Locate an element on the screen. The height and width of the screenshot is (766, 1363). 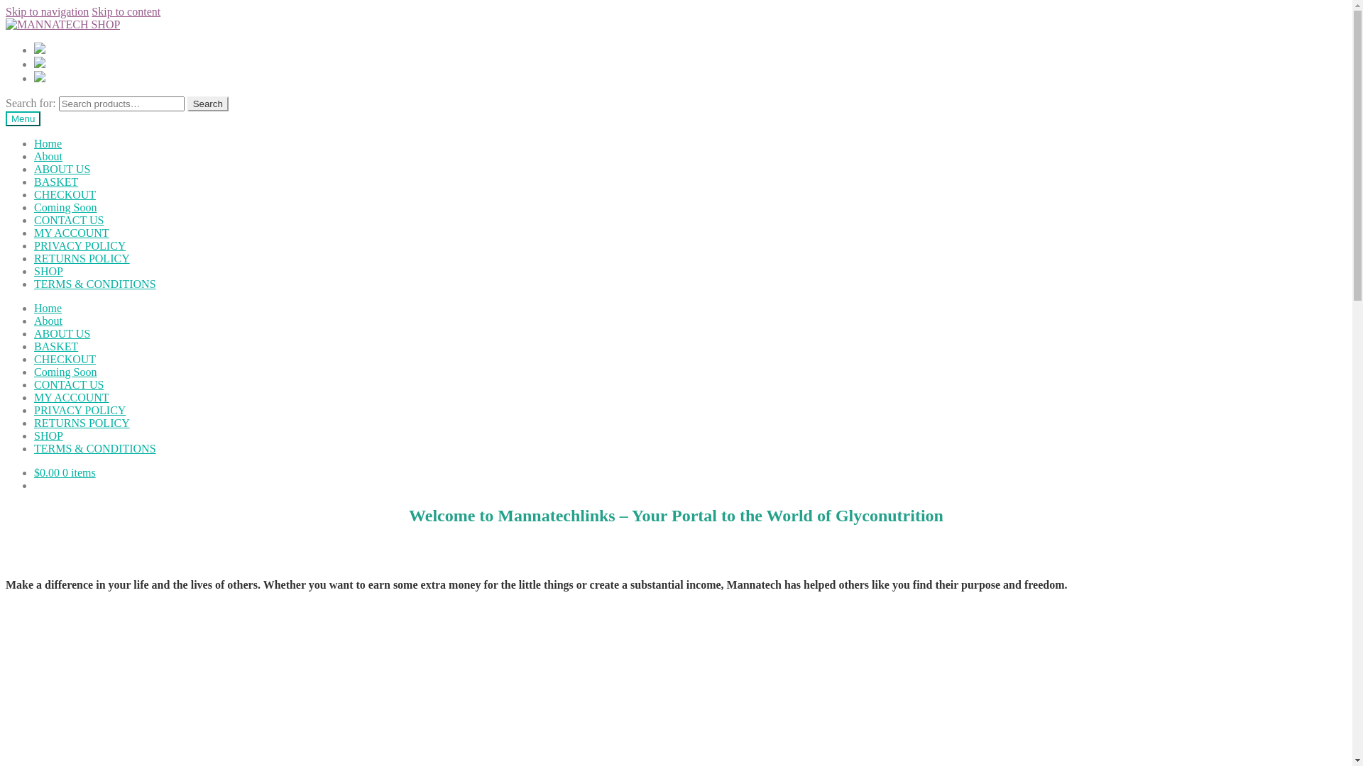
'Youtube' is located at coordinates (40, 78).